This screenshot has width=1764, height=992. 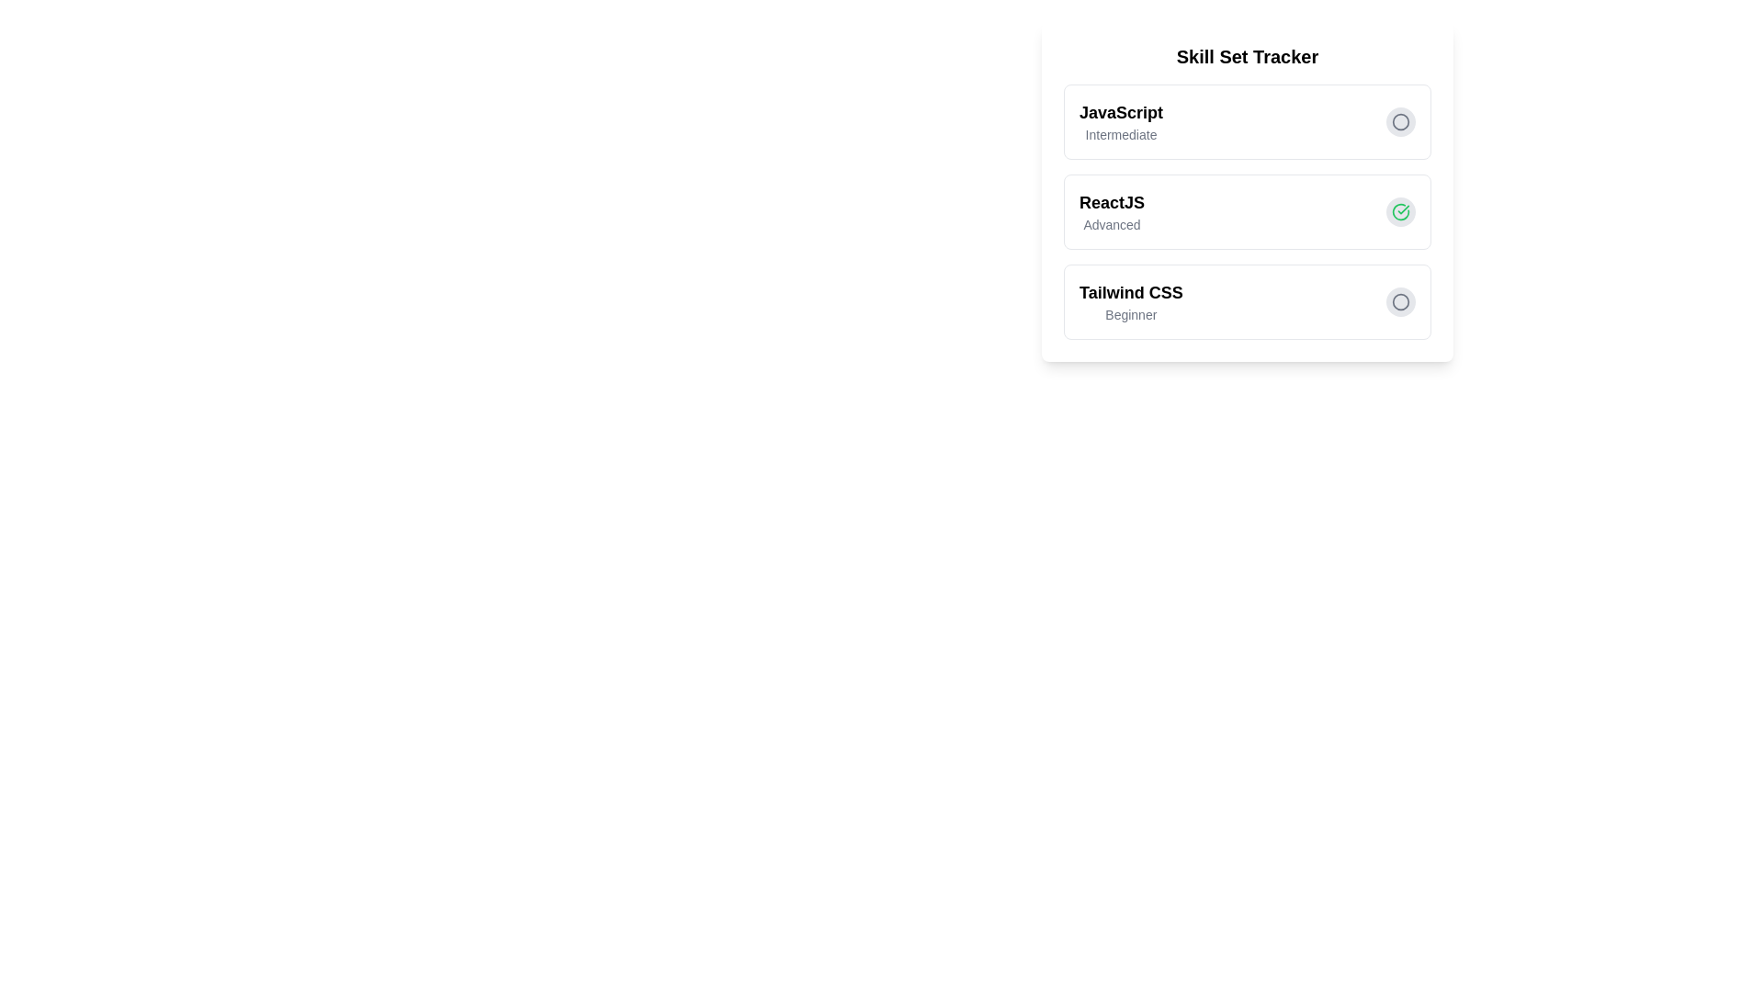 What do you see at coordinates (1248, 55) in the screenshot?
I see `the Header Text element that identifies the purpose of the 'Skill Set Tracker' interface section, which is located at the top of the white card-like structure` at bounding box center [1248, 55].